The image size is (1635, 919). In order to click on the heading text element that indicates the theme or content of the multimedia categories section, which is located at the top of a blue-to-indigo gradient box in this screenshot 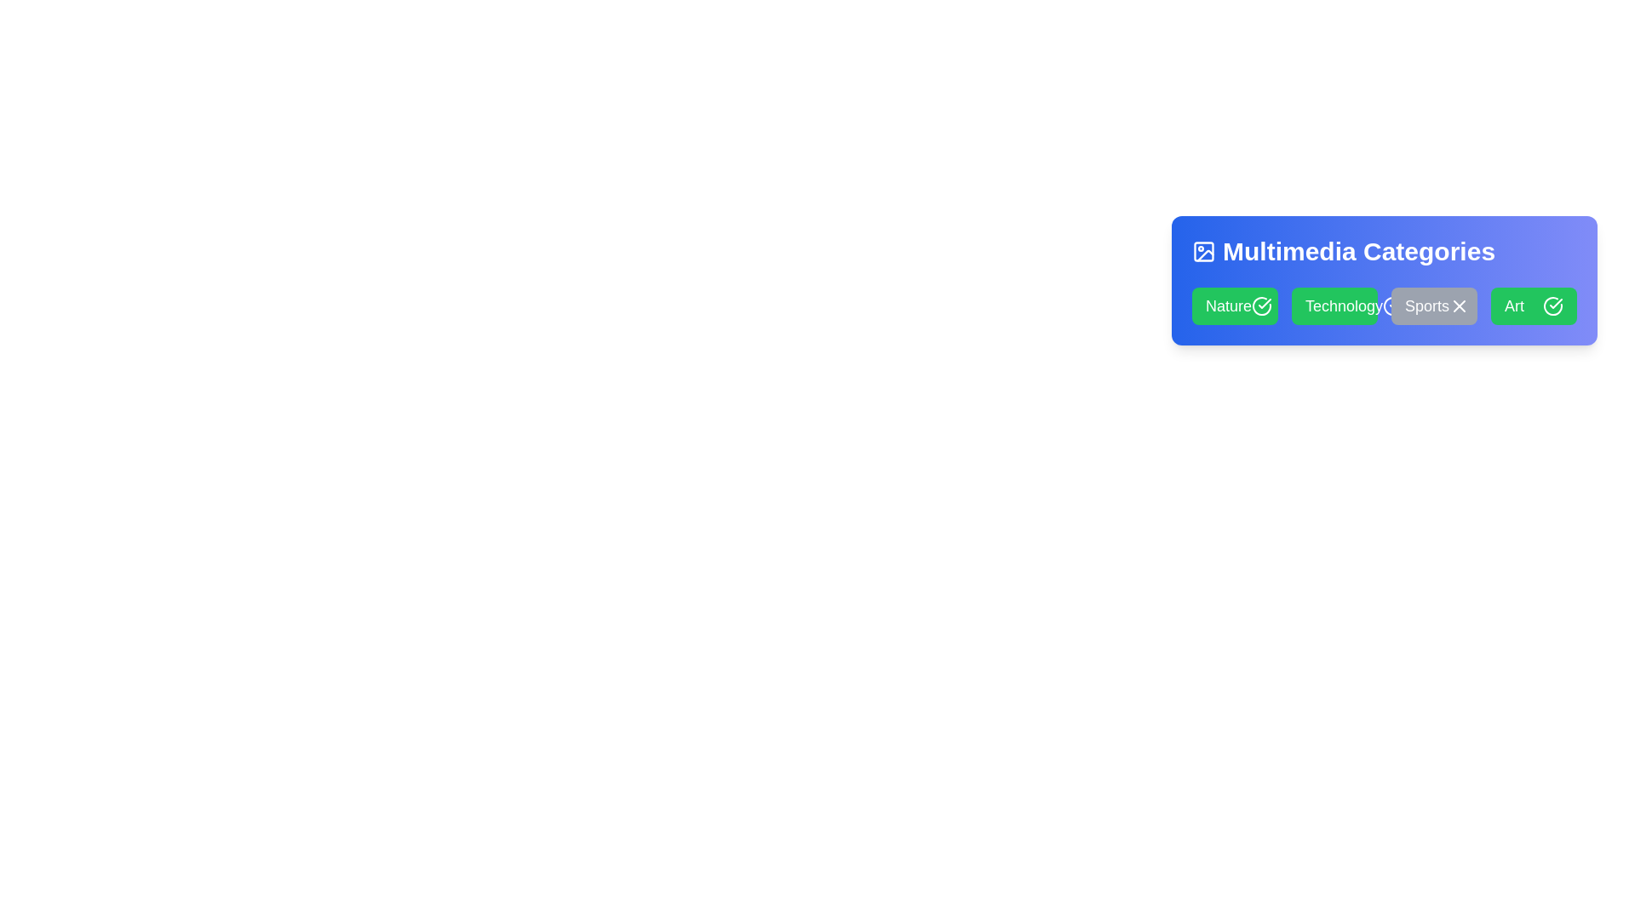, I will do `click(1385, 252)`.